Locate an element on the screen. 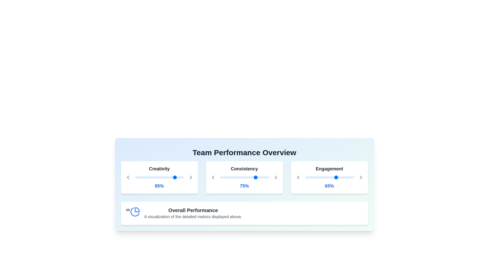 Image resolution: width=486 pixels, height=273 pixels. text label that serves as a heading for the section below the 'Team Performance Overview', providing a summary of the topic is located at coordinates (193, 210).